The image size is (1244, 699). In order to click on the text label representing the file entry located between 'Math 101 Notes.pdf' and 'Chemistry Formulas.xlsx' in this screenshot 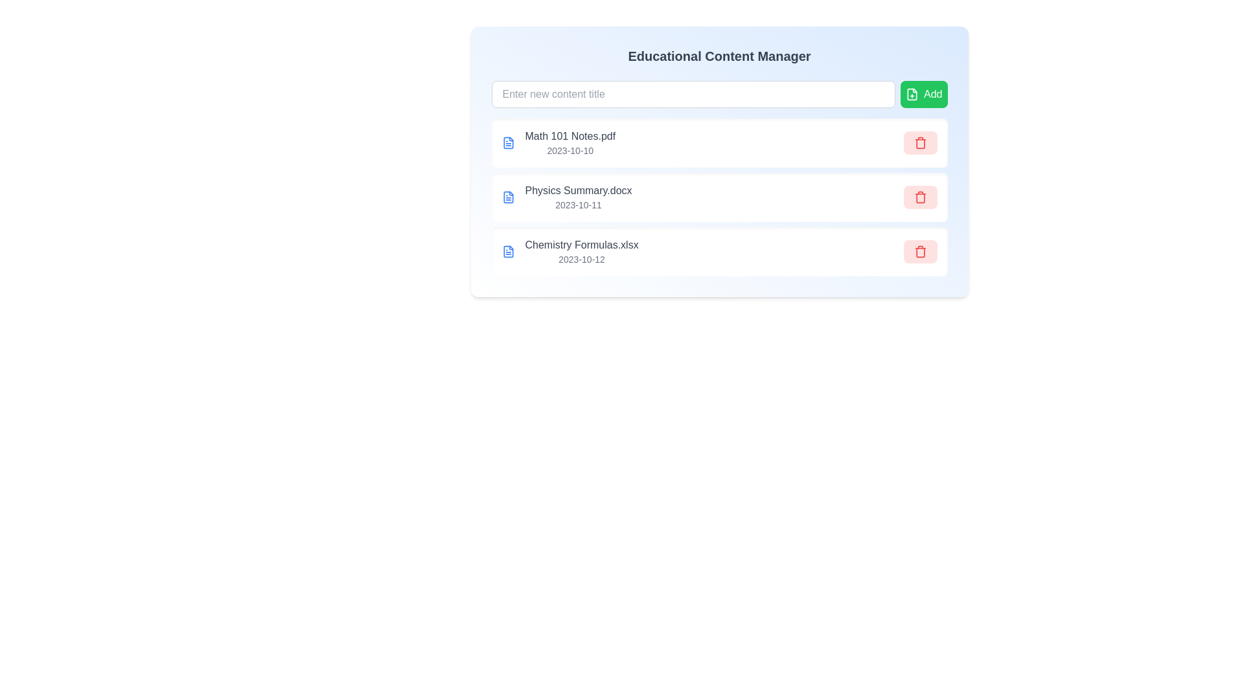, I will do `click(577, 197)`.